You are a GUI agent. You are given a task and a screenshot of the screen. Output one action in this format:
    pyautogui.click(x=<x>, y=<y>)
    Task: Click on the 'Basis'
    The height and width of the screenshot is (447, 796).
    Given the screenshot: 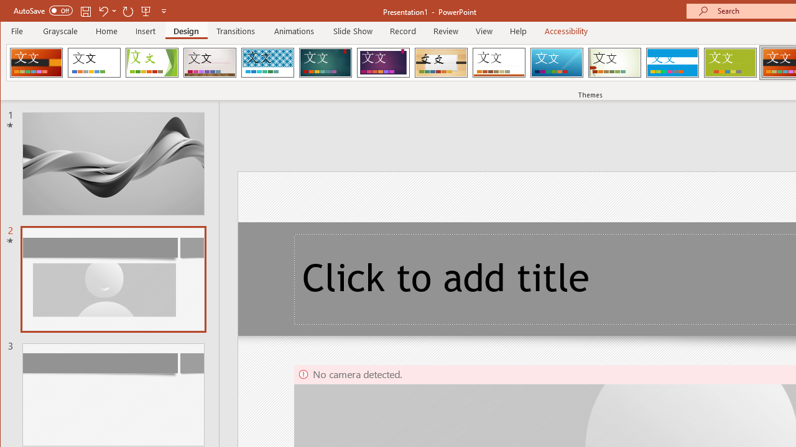 What is the action you would take?
    pyautogui.click(x=730, y=62)
    